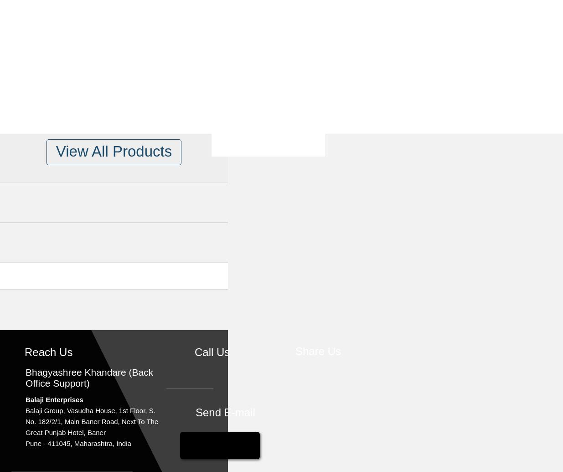 Image resolution: width=563 pixels, height=472 pixels. What do you see at coordinates (48, 352) in the screenshot?
I see `'Reach Us'` at bounding box center [48, 352].